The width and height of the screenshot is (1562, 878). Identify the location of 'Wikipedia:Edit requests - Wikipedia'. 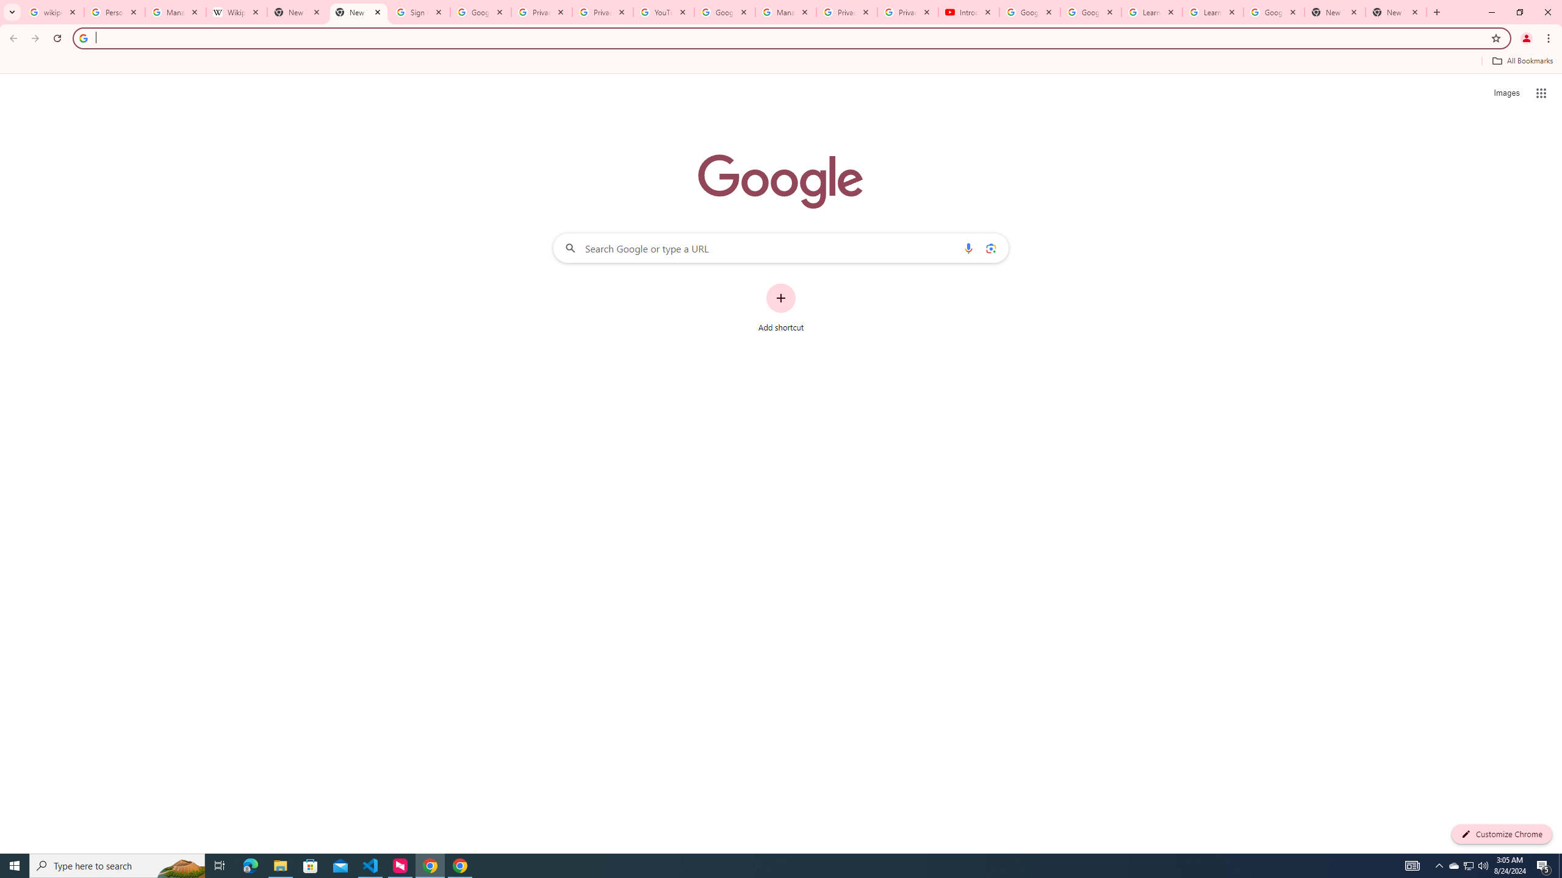
(237, 12).